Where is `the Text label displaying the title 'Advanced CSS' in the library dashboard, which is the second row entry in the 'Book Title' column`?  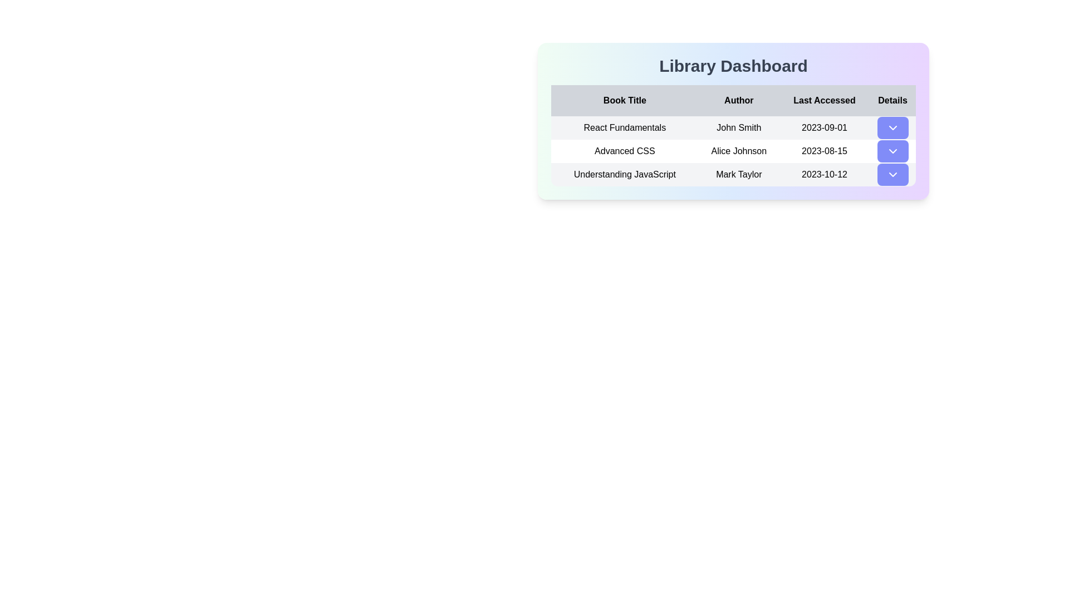 the Text label displaying the title 'Advanced CSS' in the library dashboard, which is the second row entry in the 'Book Title' column is located at coordinates (625, 151).